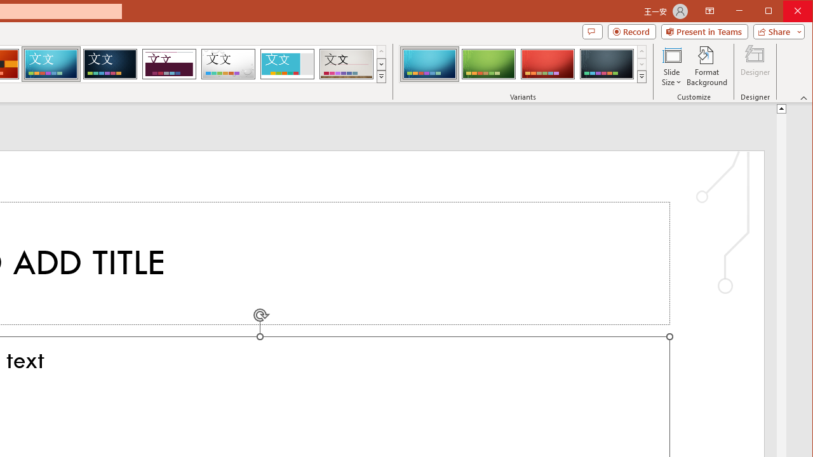 This screenshot has height=457, width=813. What do you see at coordinates (709, 11) in the screenshot?
I see `'Ribbon Display Options'` at bounding box center [709, 11].